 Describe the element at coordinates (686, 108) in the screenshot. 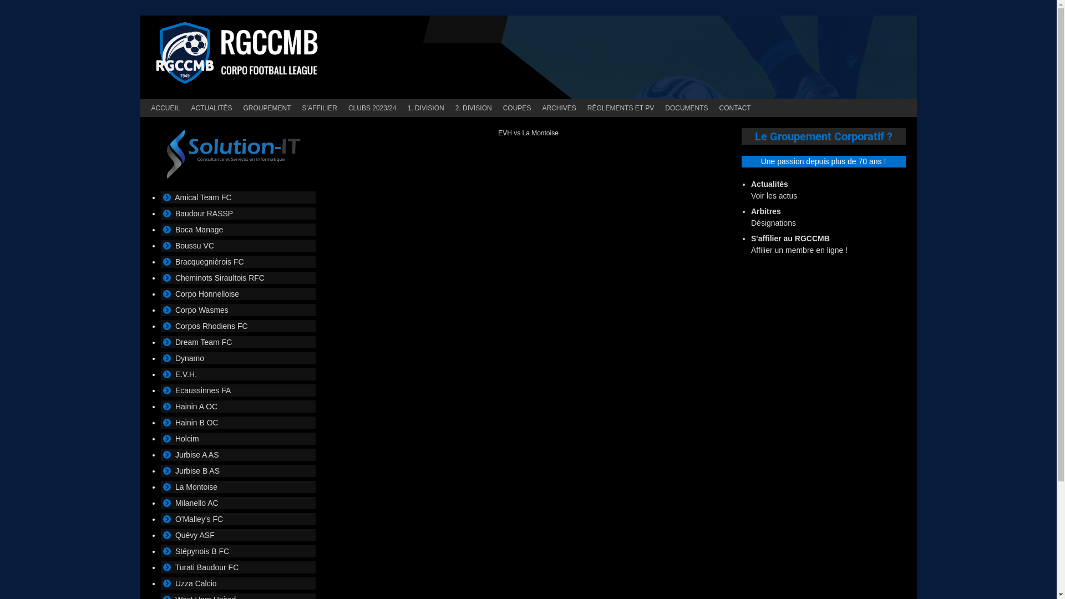

I see `'DOCUMENTS'` at that location.